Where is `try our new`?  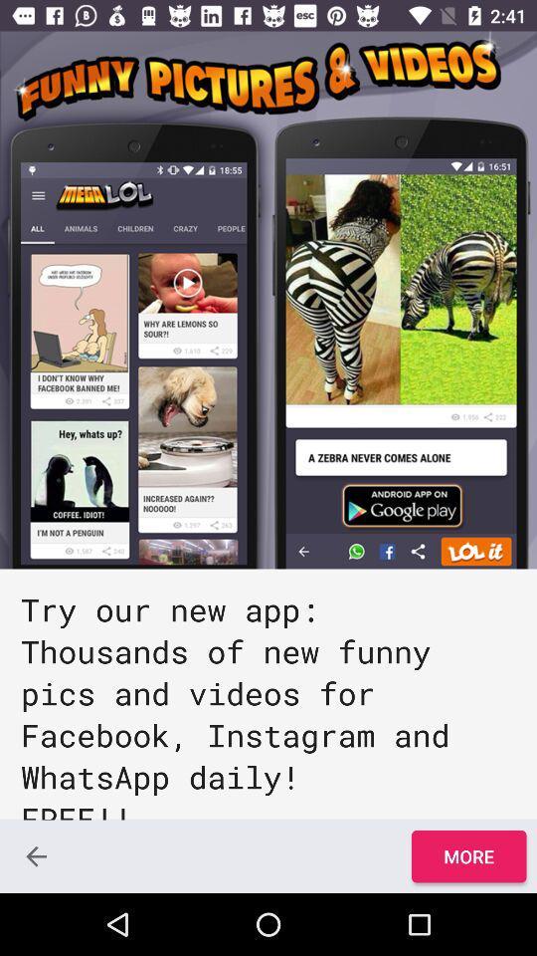 try our new is located at coordinates (268, 694).